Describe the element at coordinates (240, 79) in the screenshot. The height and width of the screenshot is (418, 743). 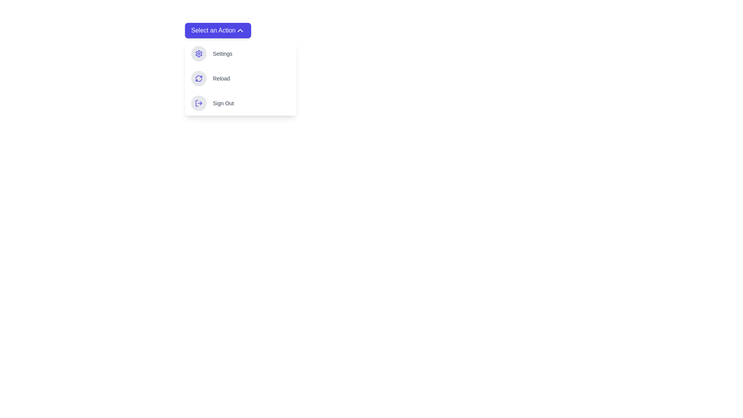
I see `the 'Reload' menu item, which is the second option in the vertically aligned list of actions` at that location.